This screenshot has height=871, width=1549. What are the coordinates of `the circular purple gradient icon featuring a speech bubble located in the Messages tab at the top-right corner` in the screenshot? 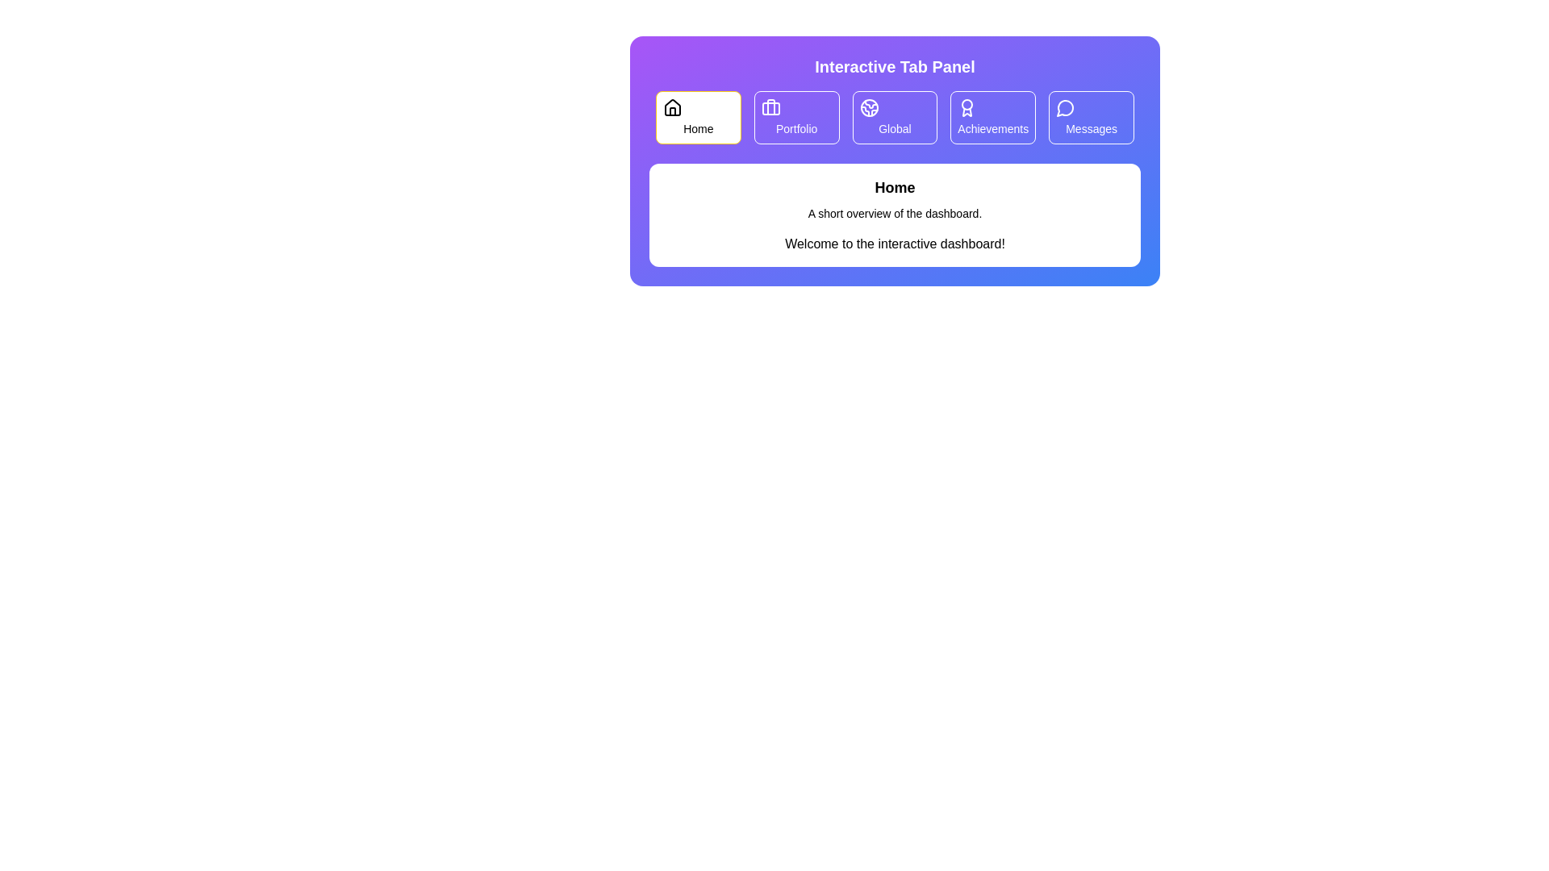 It's located at (1065, 108).